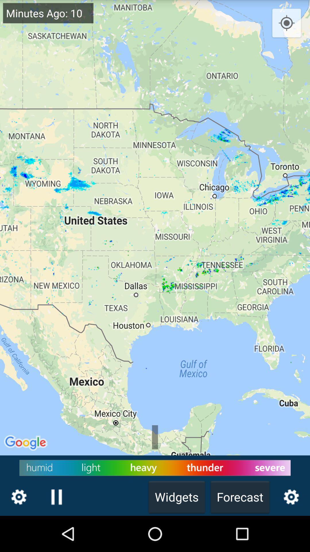 This screenshot has height=552, width=310. What do you see at coordinates (291, 531) in the screenshot?
I see `the settings icon` at bounding box center [291, 531].